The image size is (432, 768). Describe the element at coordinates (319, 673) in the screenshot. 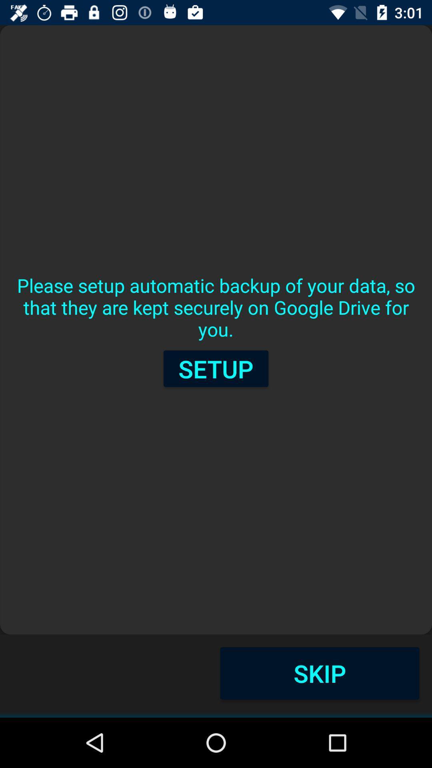

I see `the skip item` at that location.